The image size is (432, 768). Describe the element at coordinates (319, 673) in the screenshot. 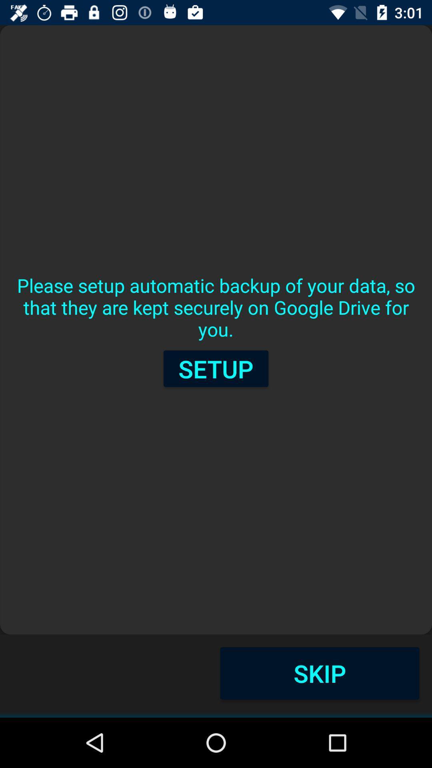

I see `the skip item` at that location.